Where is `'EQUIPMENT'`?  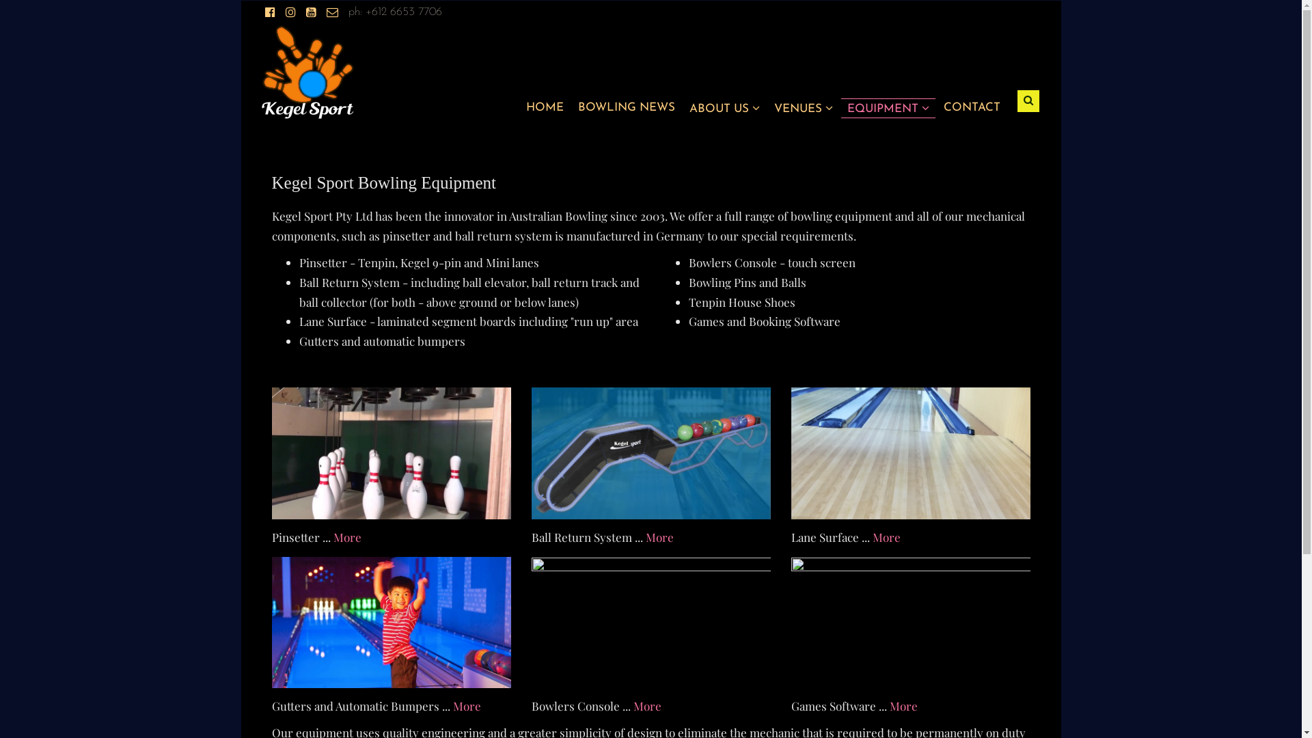
'EQUIPMENT' is located at coordinates (888, 107).